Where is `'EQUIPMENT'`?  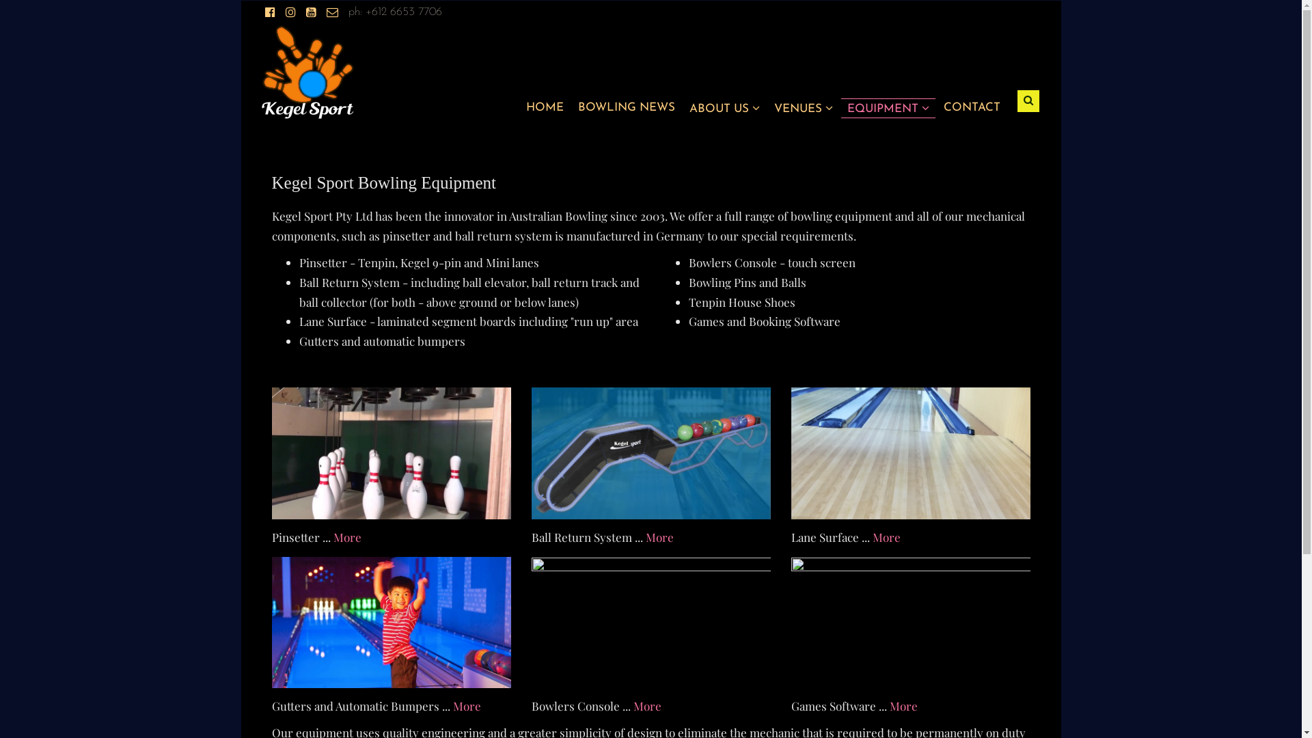
'EQUIPMENT' is located at coordinates (888, 107).